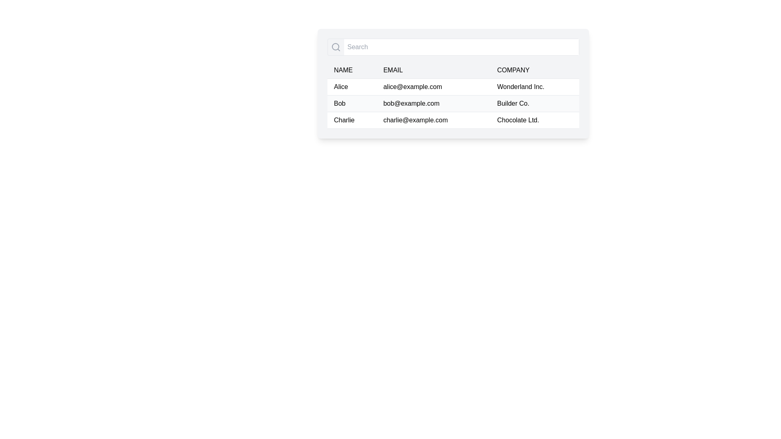 This screenshot has width=781, height=439. What do you see at coordinates (393, 70) in the screenshot?
I see `the text label displaying 'EMAIL', which is the second header in a row of three at the top of a table, positioned between 'NAME' and 'COMPANY'` at bounding box center [393, 70].